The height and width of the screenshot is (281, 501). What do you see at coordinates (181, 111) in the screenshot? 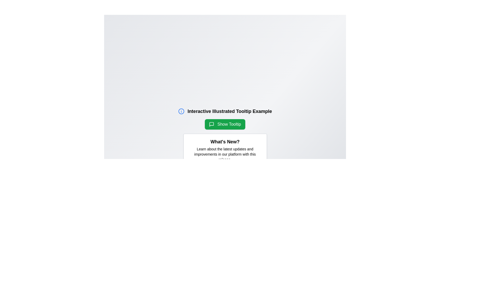
I see `the circular blue-bordered icon with a white interior that represents an information symbol, located to the left of the text 'Interactive Illustrated Tooltip Example'` at bounding box center [181, 111].